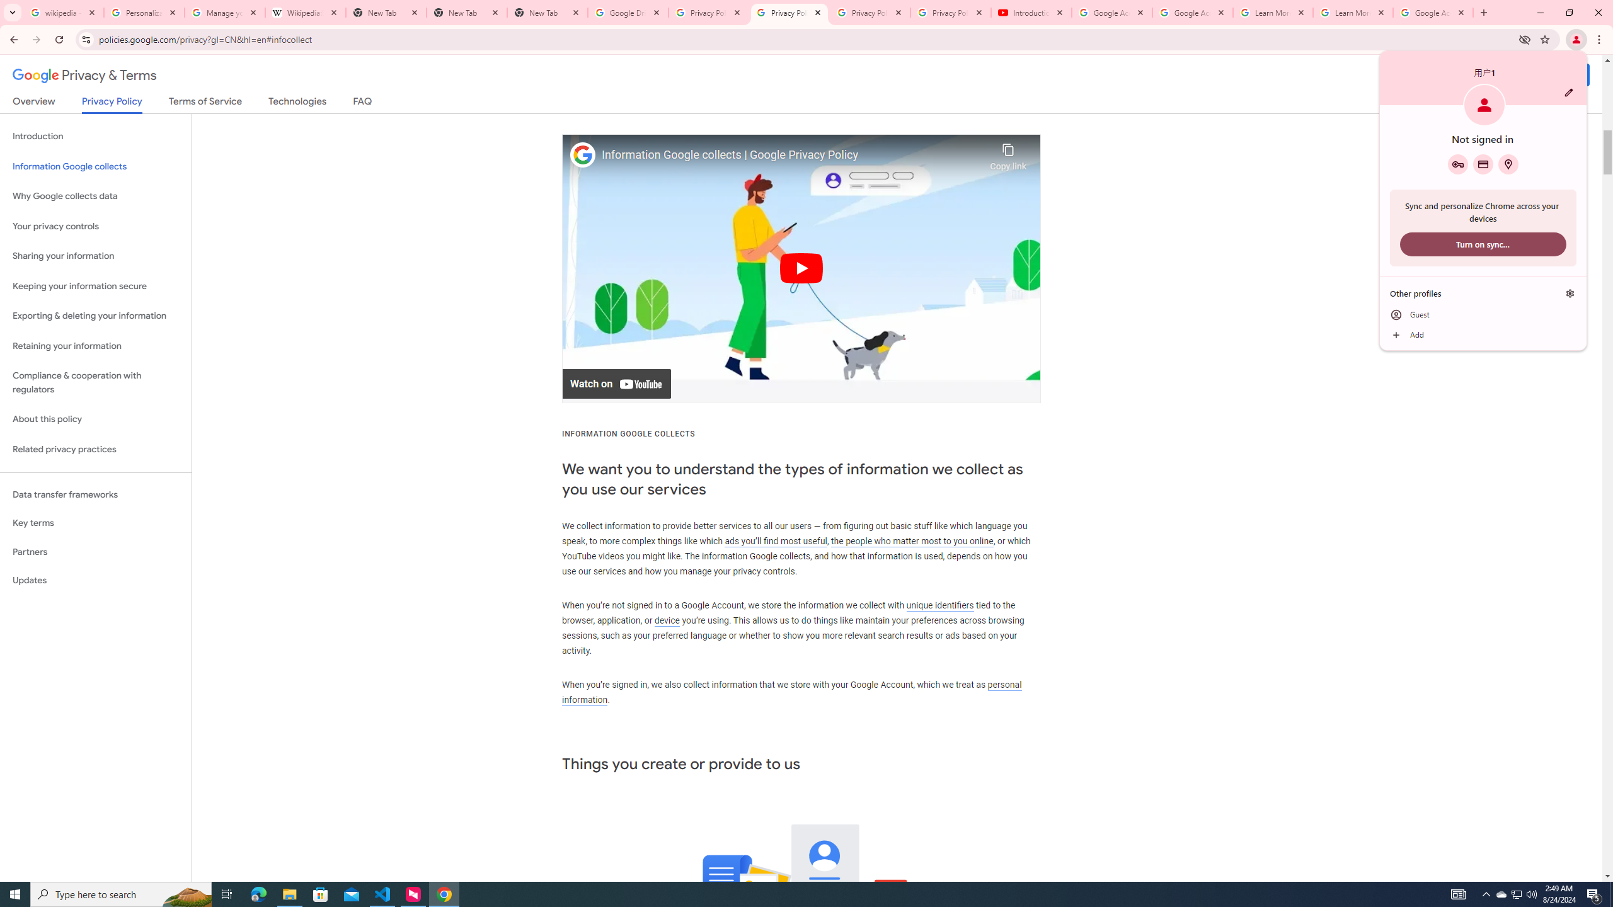 This screenshot has width=1613, height=907. What do you see at coordinates (616, 383) in the screenshot?
I see `'Watch on YouTube'` at bounding box center [616, 383].